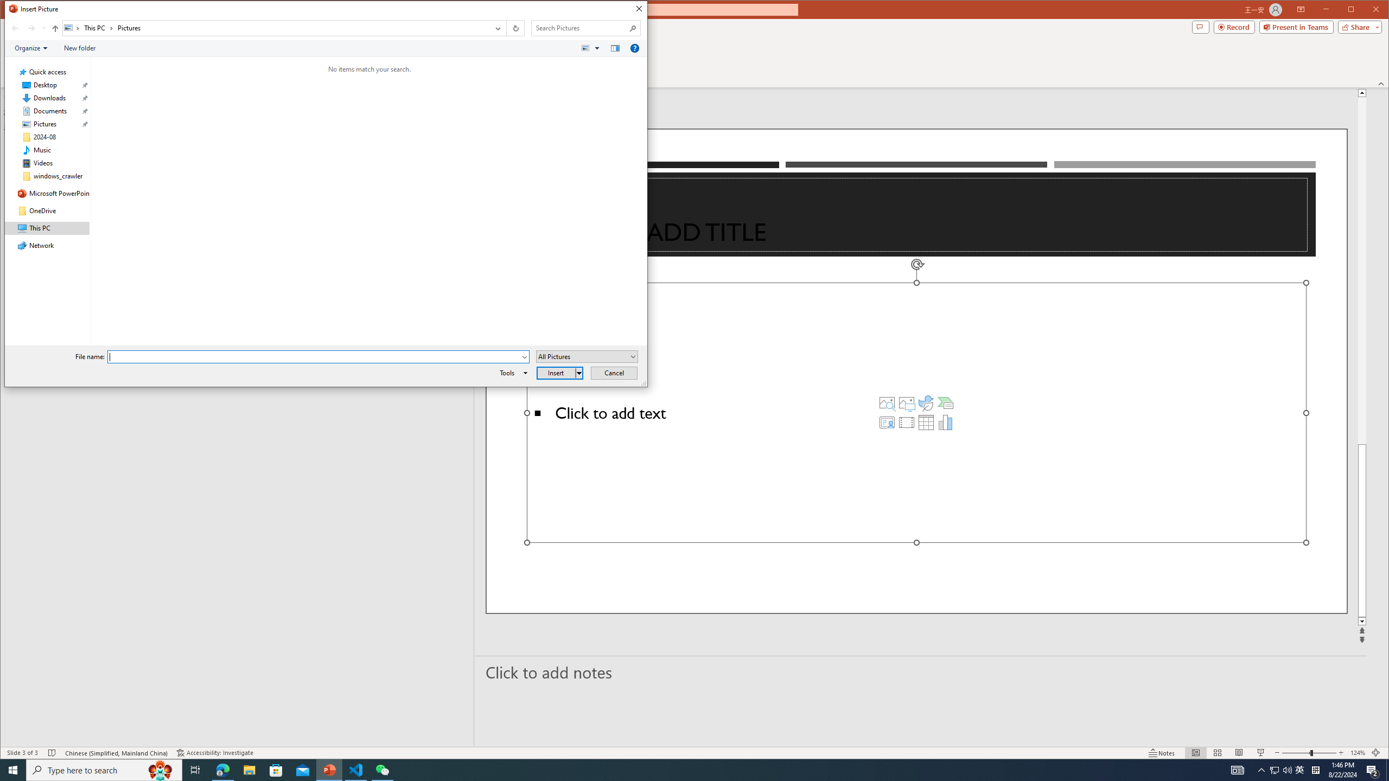  I want to click on 'Up band toolbar', so click(55, 29).